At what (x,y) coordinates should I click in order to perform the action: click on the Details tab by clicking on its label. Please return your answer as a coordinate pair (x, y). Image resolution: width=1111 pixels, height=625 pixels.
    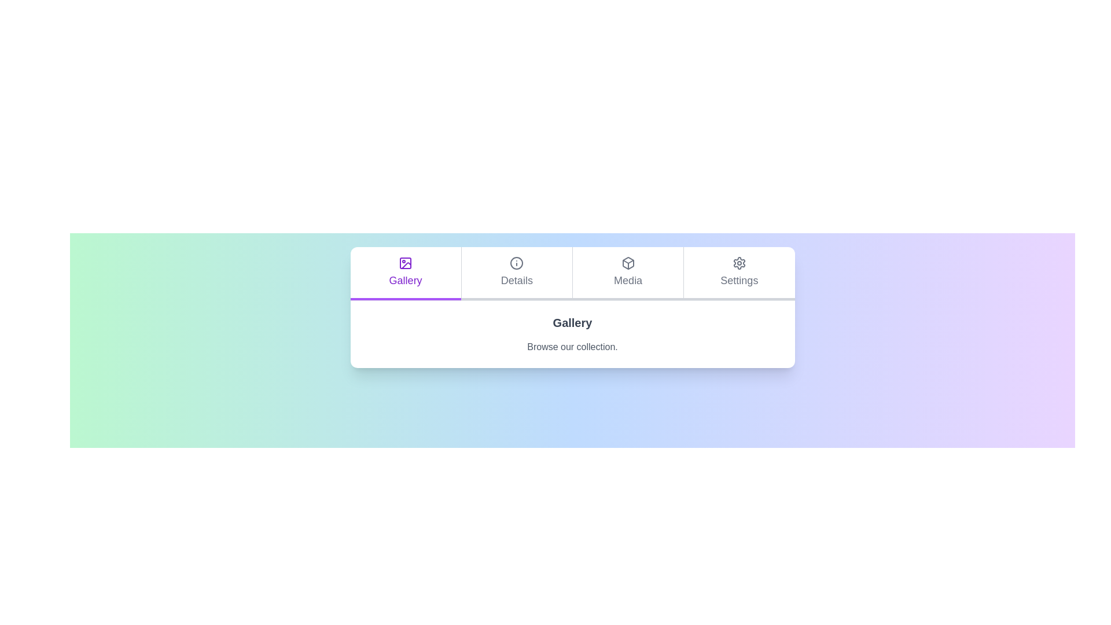
    Looking at the image, I should click on (516, 274).